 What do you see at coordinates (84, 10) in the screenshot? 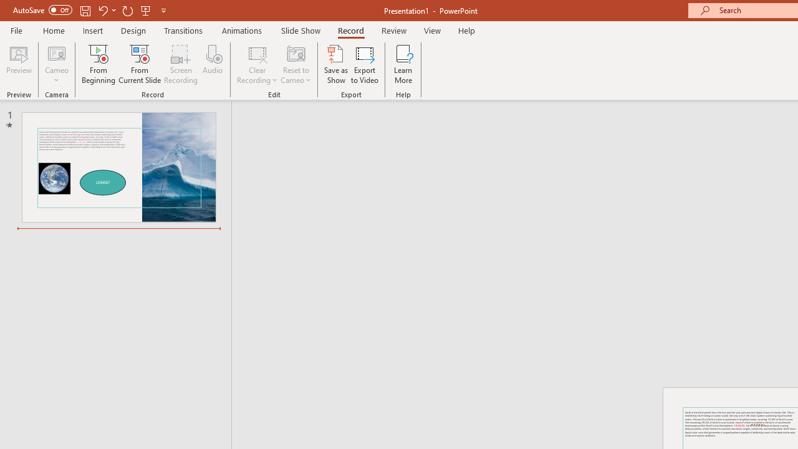
I see `'Save'` at bounding box center [84, 10].